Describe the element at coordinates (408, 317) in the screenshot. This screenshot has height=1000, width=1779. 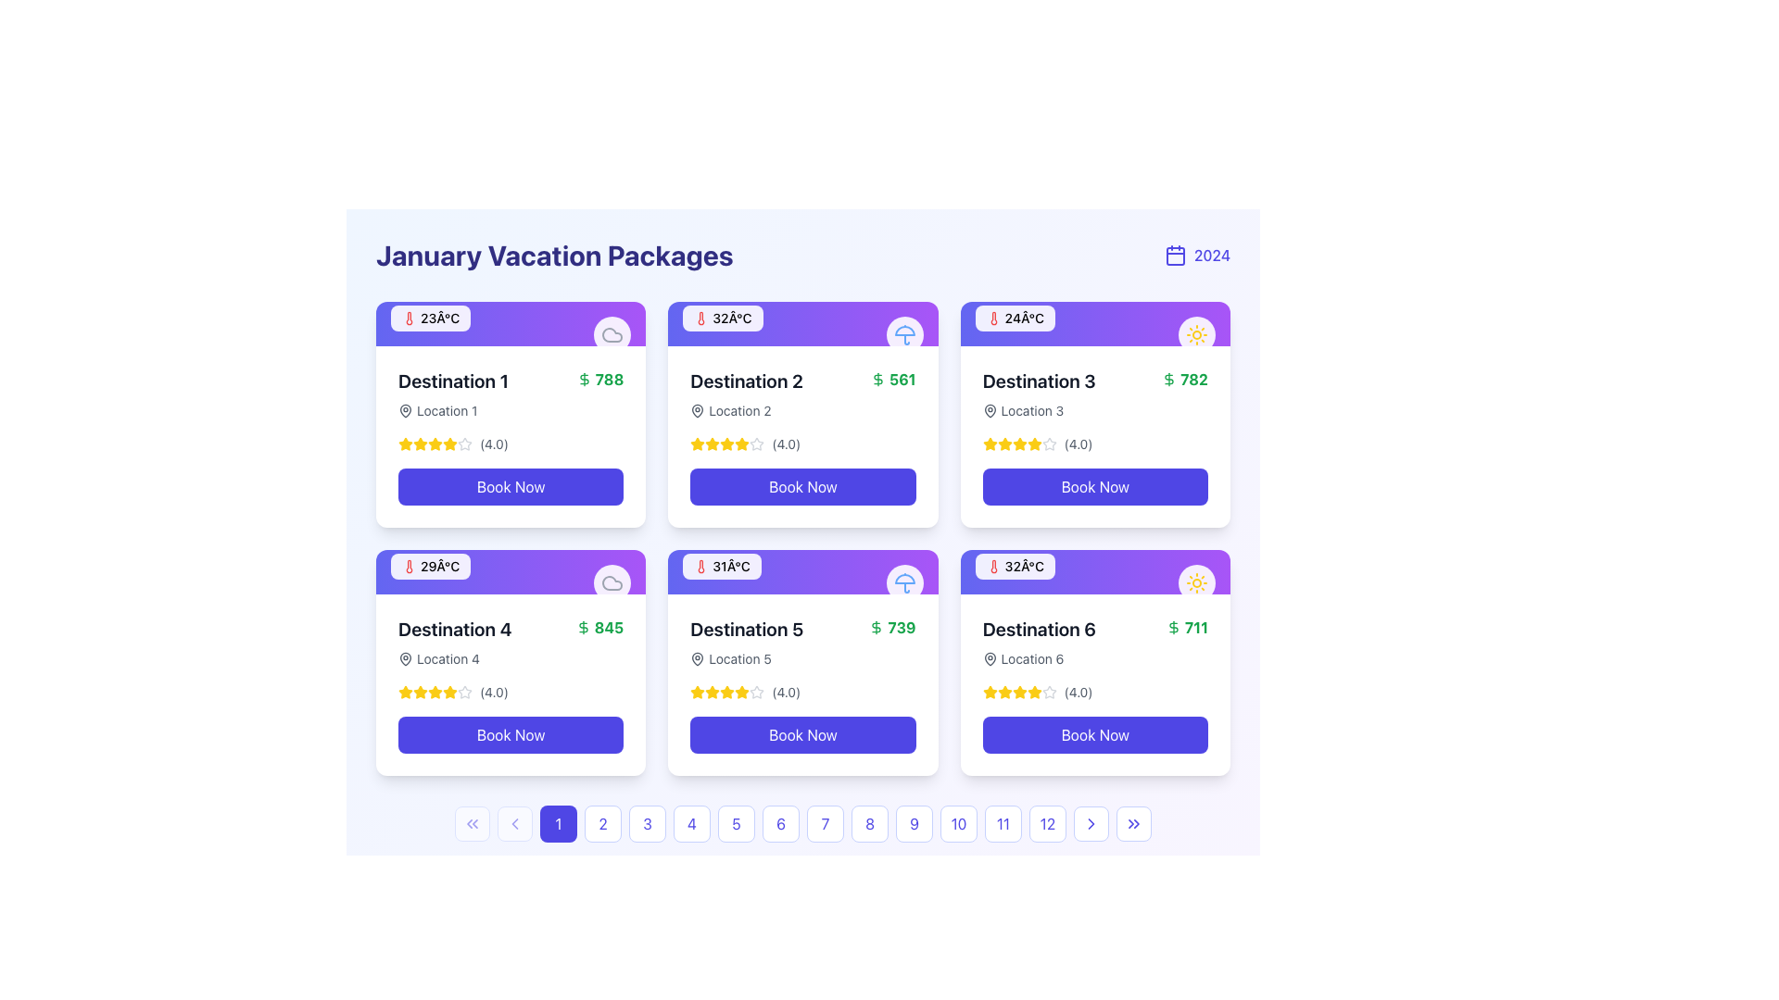
I see `the red thermometer-shaped icon located at the top left corner of the card labeled 'Destination 1', which displays '23°C'` at that location.